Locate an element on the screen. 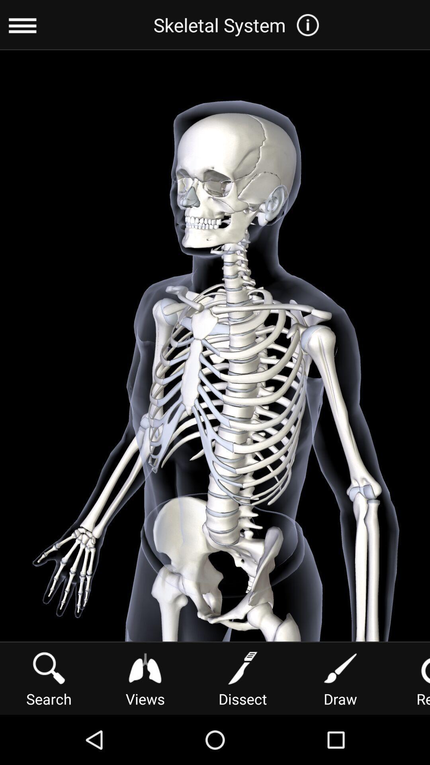 Image resolution: width=430 pixels, height=765 pixels. the views button is located at coordinates (145, 677).